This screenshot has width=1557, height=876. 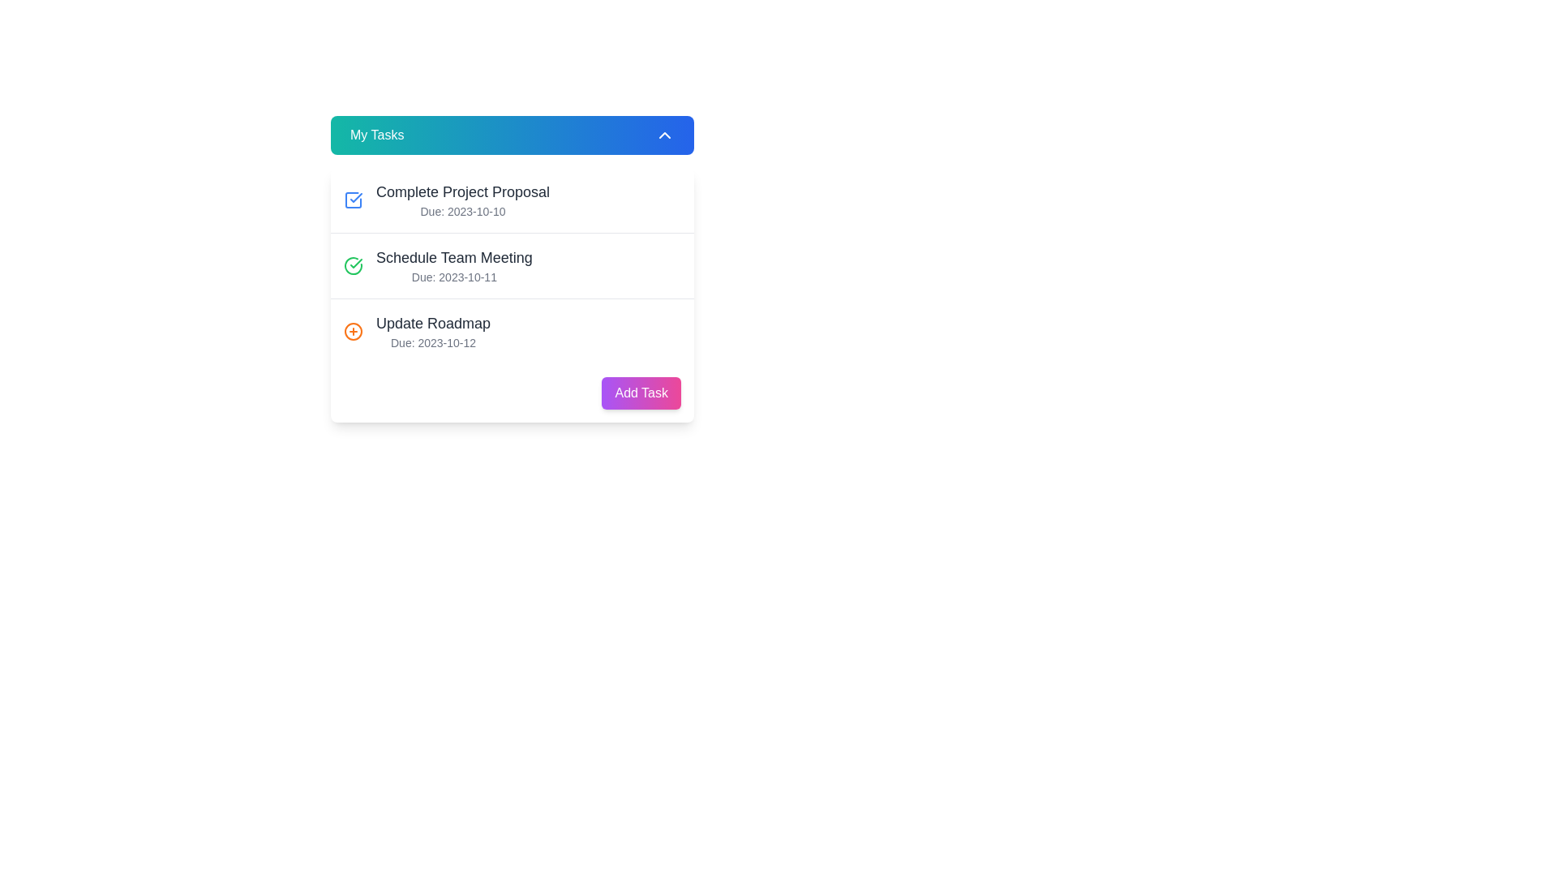 I want to click on the 'Update Roadmap' text block element for accessibility navigation, so click(x=433, y=330).